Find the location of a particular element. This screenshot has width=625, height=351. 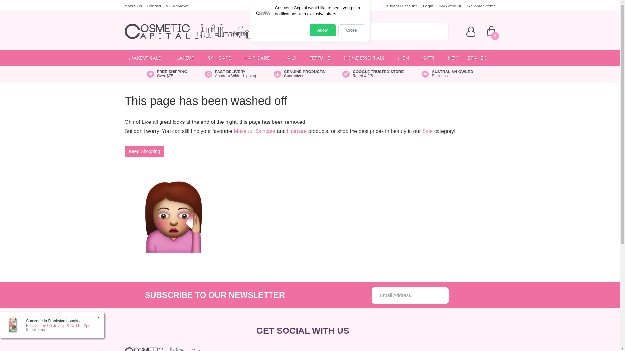

'MAKEUP' is located at coordinates (186, 57).